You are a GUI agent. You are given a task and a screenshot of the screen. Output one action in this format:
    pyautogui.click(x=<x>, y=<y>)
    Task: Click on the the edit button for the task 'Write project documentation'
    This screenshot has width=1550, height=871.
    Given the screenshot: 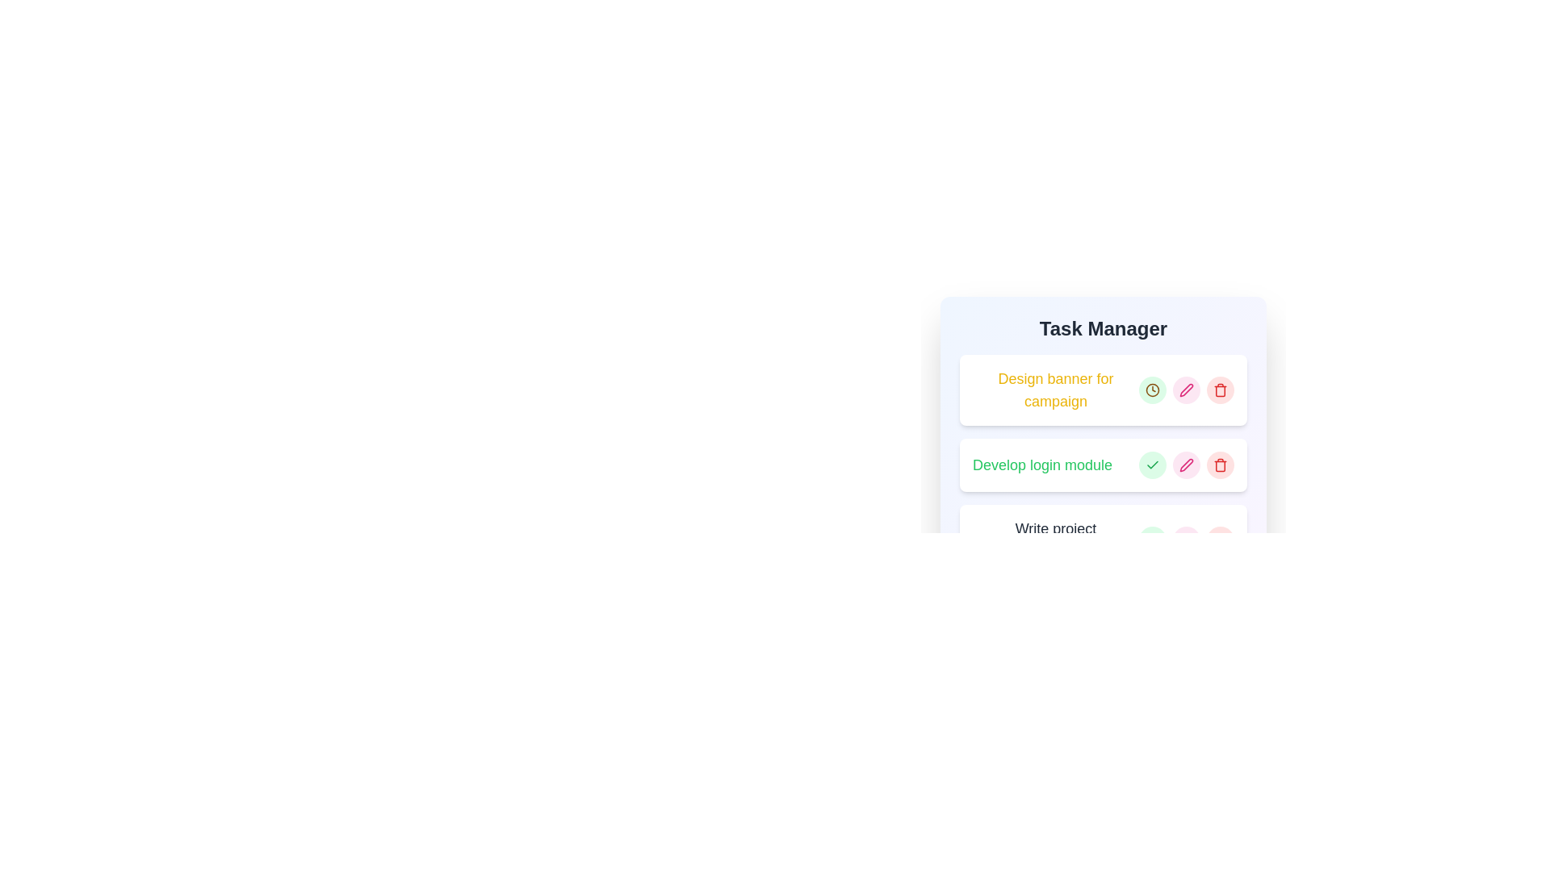 What is the action you would take?
    pyautogui.click(x=1186, y=540)
    